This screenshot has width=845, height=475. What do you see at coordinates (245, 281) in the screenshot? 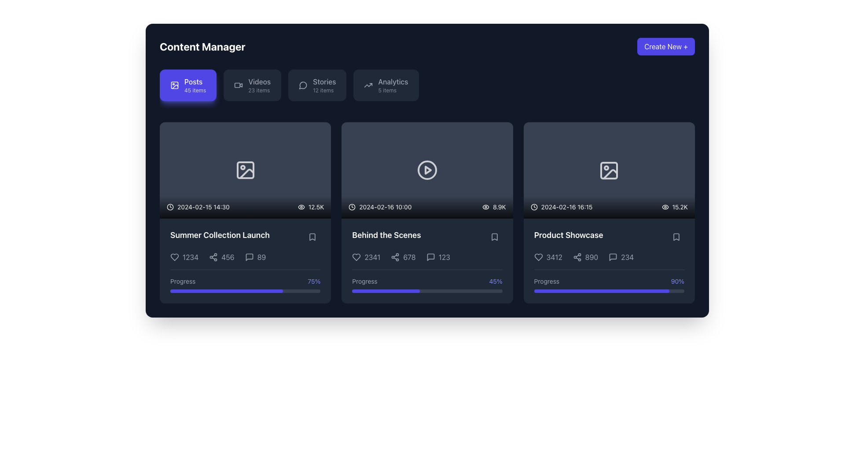
I see `the textual indicator displaying 'Progress 75%' located in the bottom section of the card labeled 'Summer Collection Launch'` at bounding box center [245, 281].